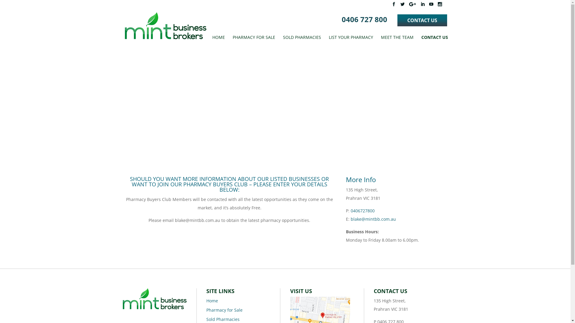 This screenshot has height=323, width=575. I want to click on 'MEET THE TEAM', so click(397, 40).